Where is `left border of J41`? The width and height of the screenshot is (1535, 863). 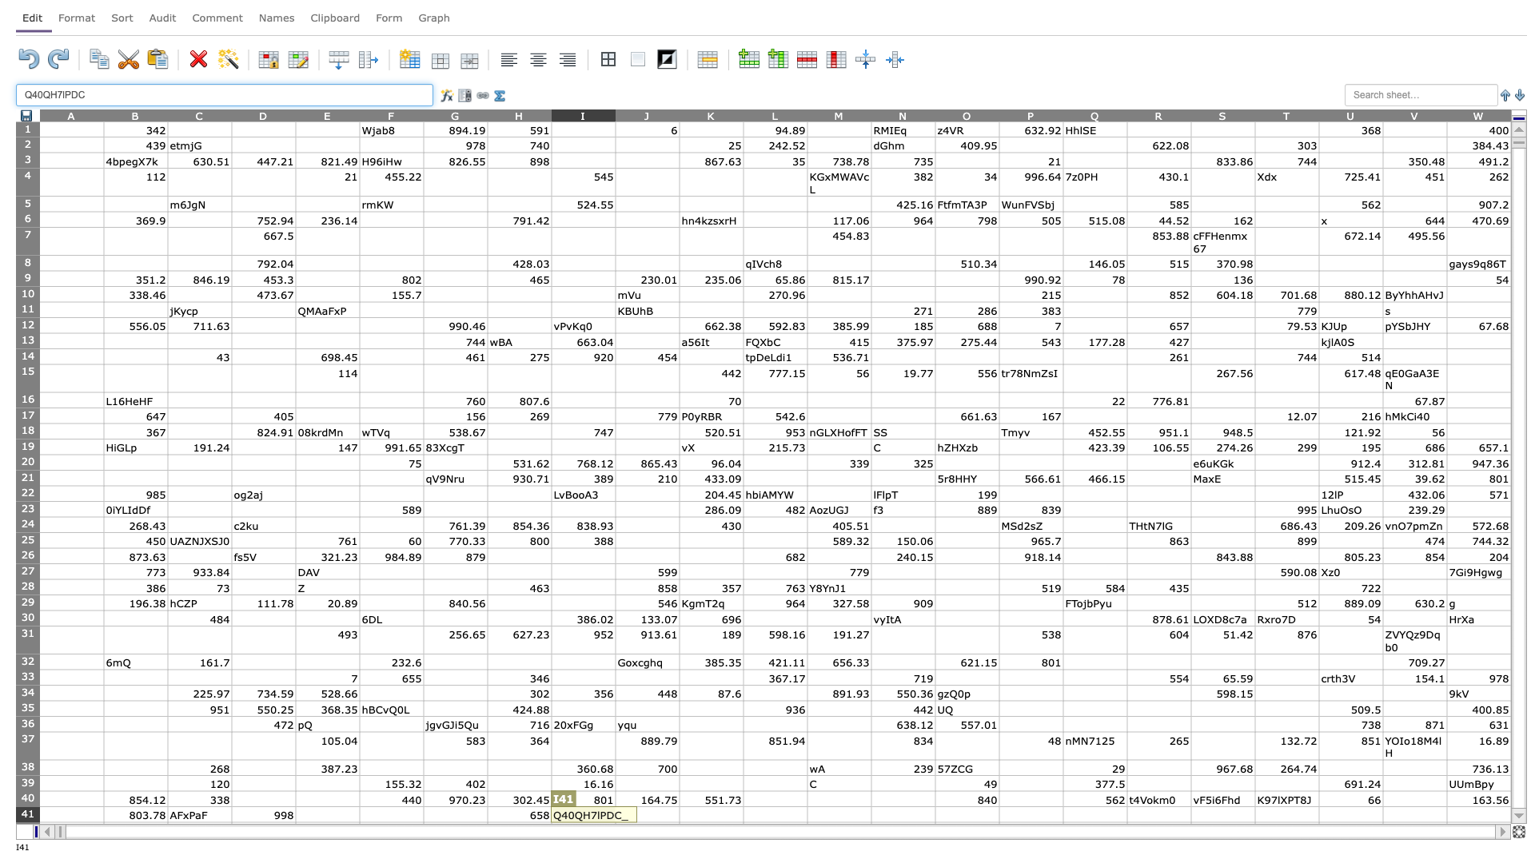 left border of J41 is located at coordinates (614, 814).